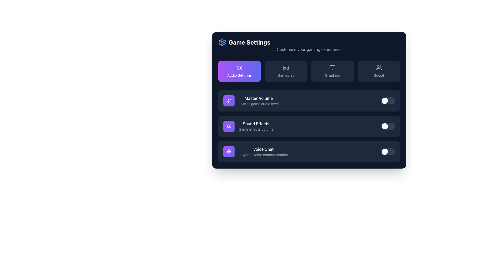 The height and width of the screenshot is (275, 489). I want to click on settings associated with the second item in the vertical list that indicates the feature to adjust or view game sound effects volume settings within the 'Audio Settings' section, so click(248, 126).